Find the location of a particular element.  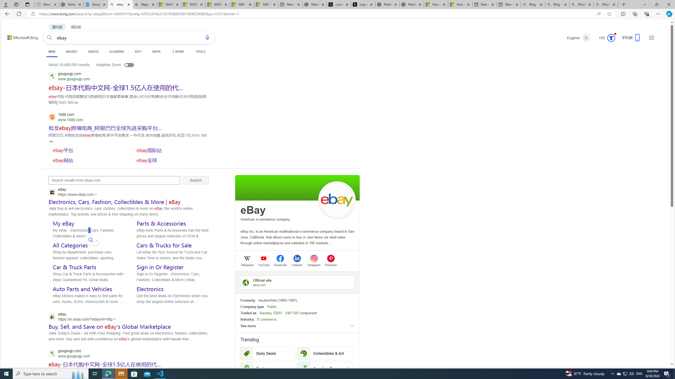

'Traded as' is located at coordinates (248, 313).